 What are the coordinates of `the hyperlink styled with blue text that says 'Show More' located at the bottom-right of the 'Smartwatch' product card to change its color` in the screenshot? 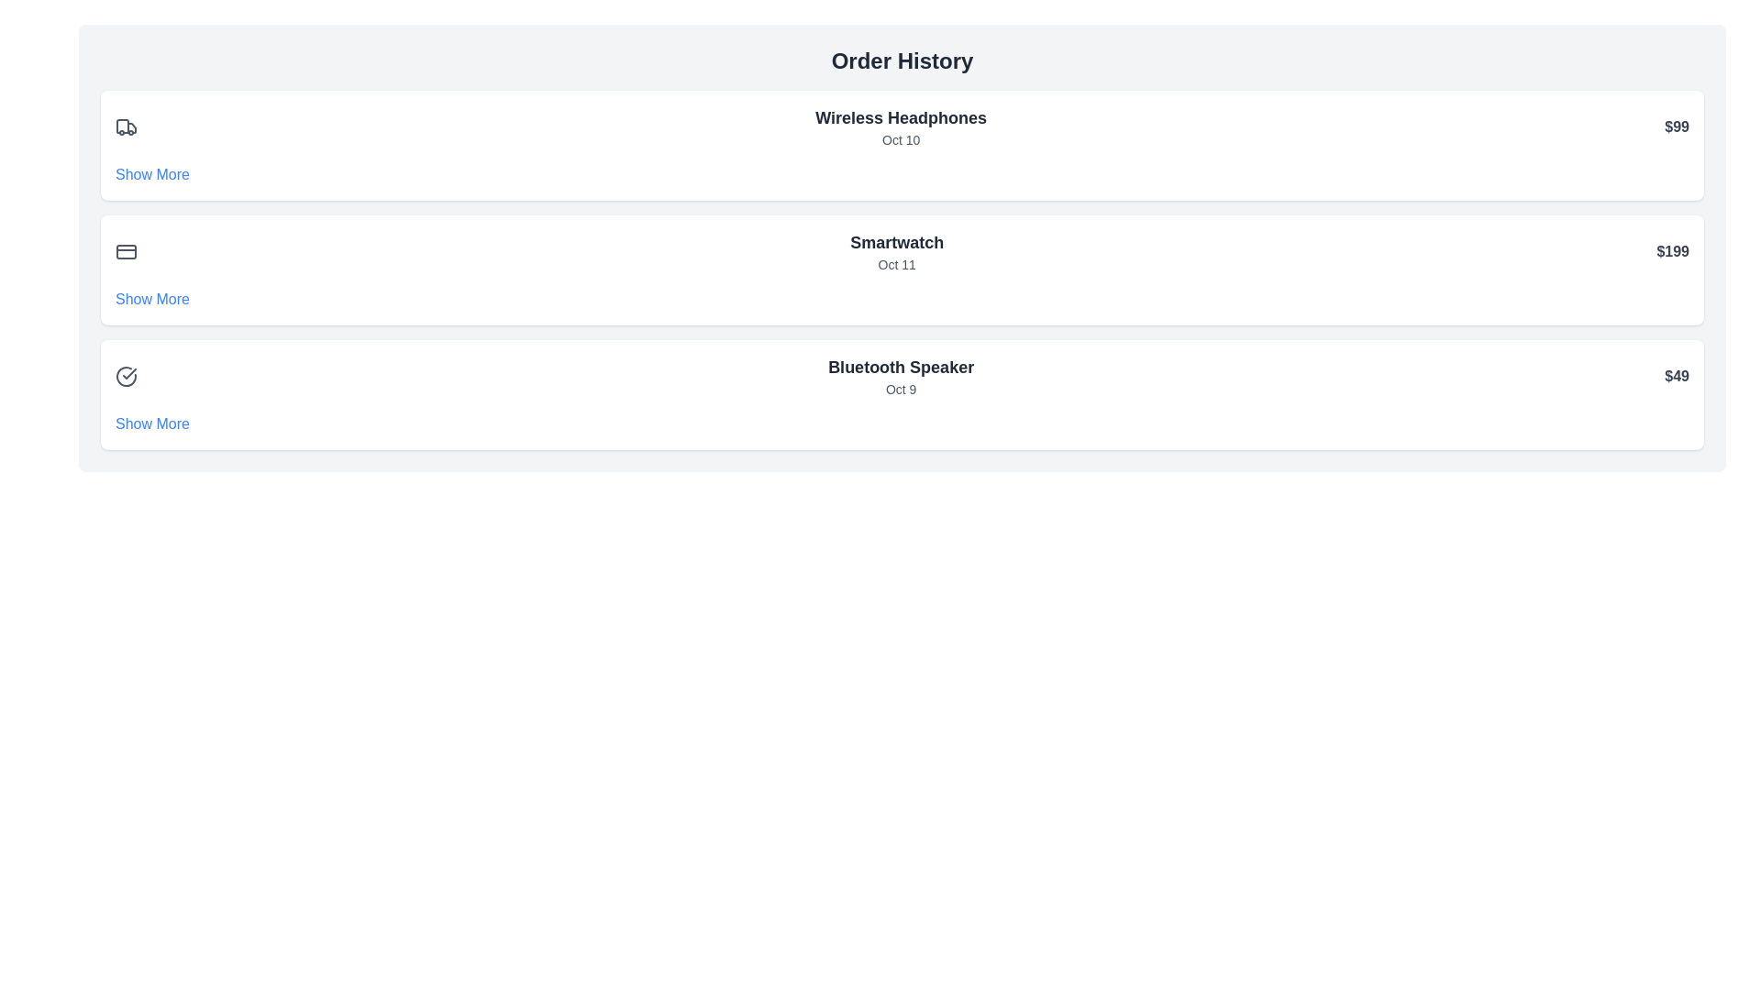 It's located at (152, 299).